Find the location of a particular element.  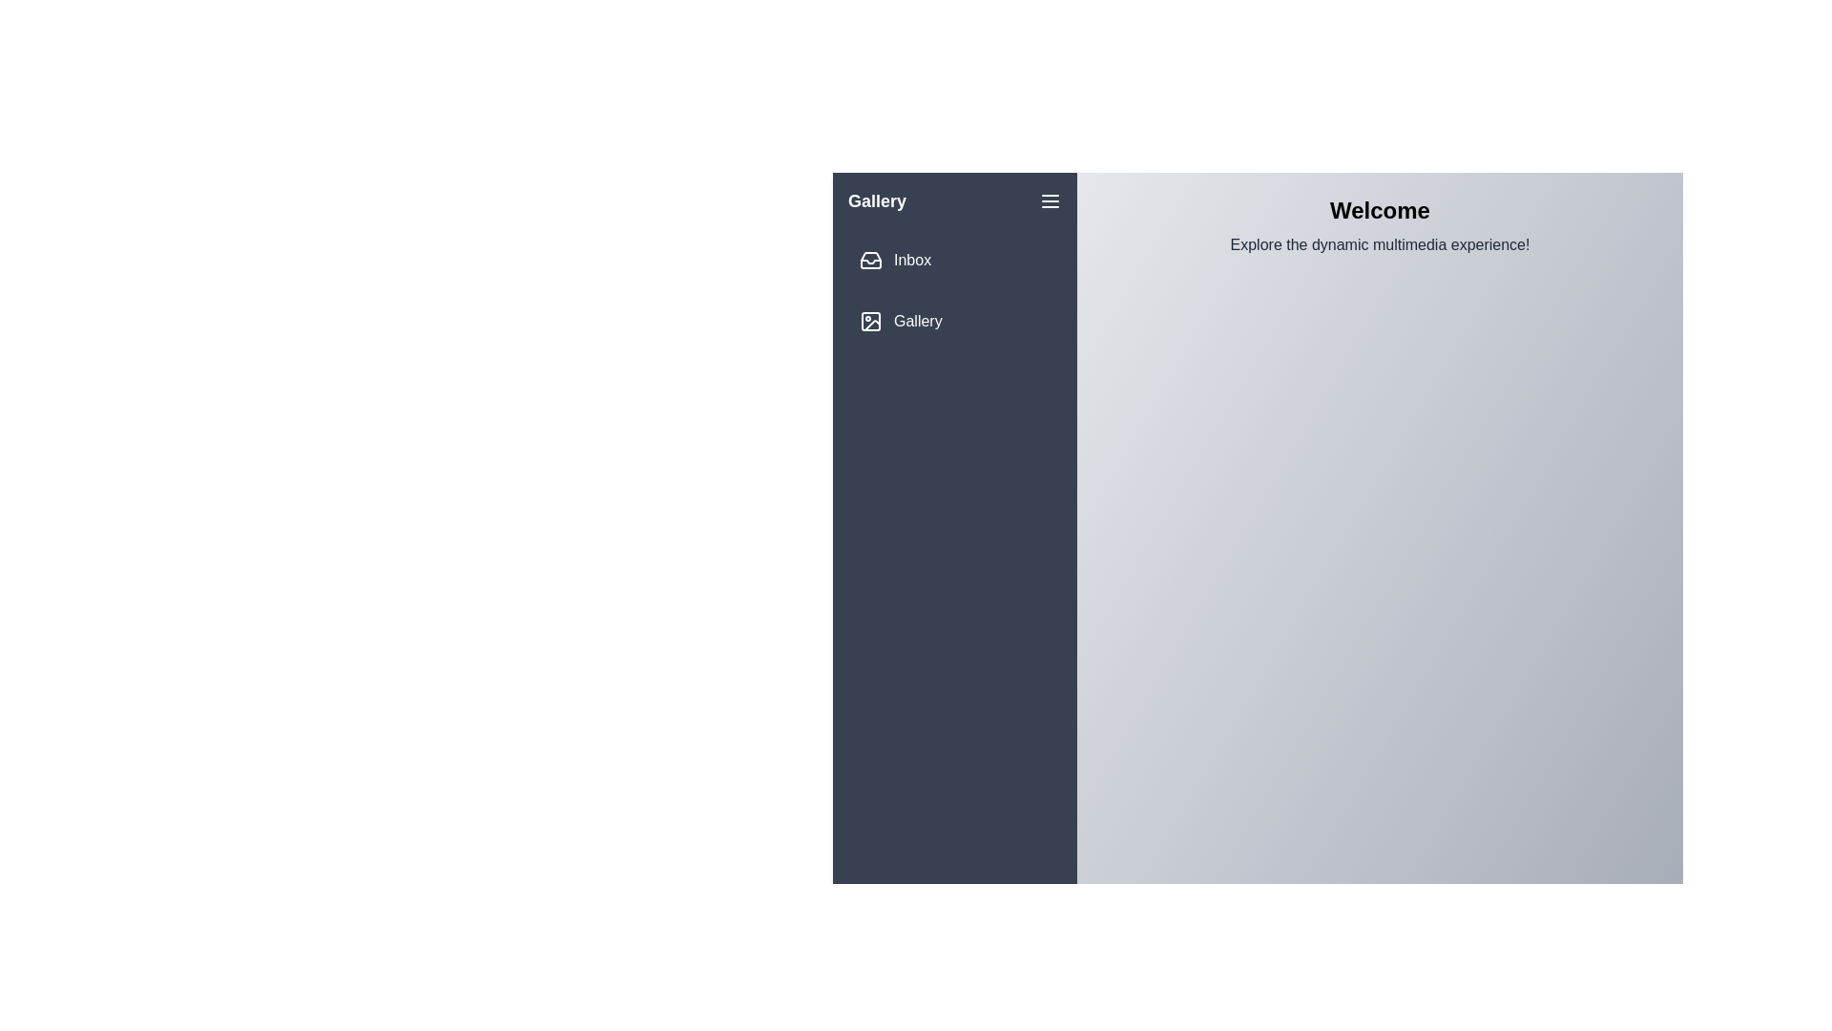

the Navigation Menu Item that allows users is located at coordinates (955, 320).